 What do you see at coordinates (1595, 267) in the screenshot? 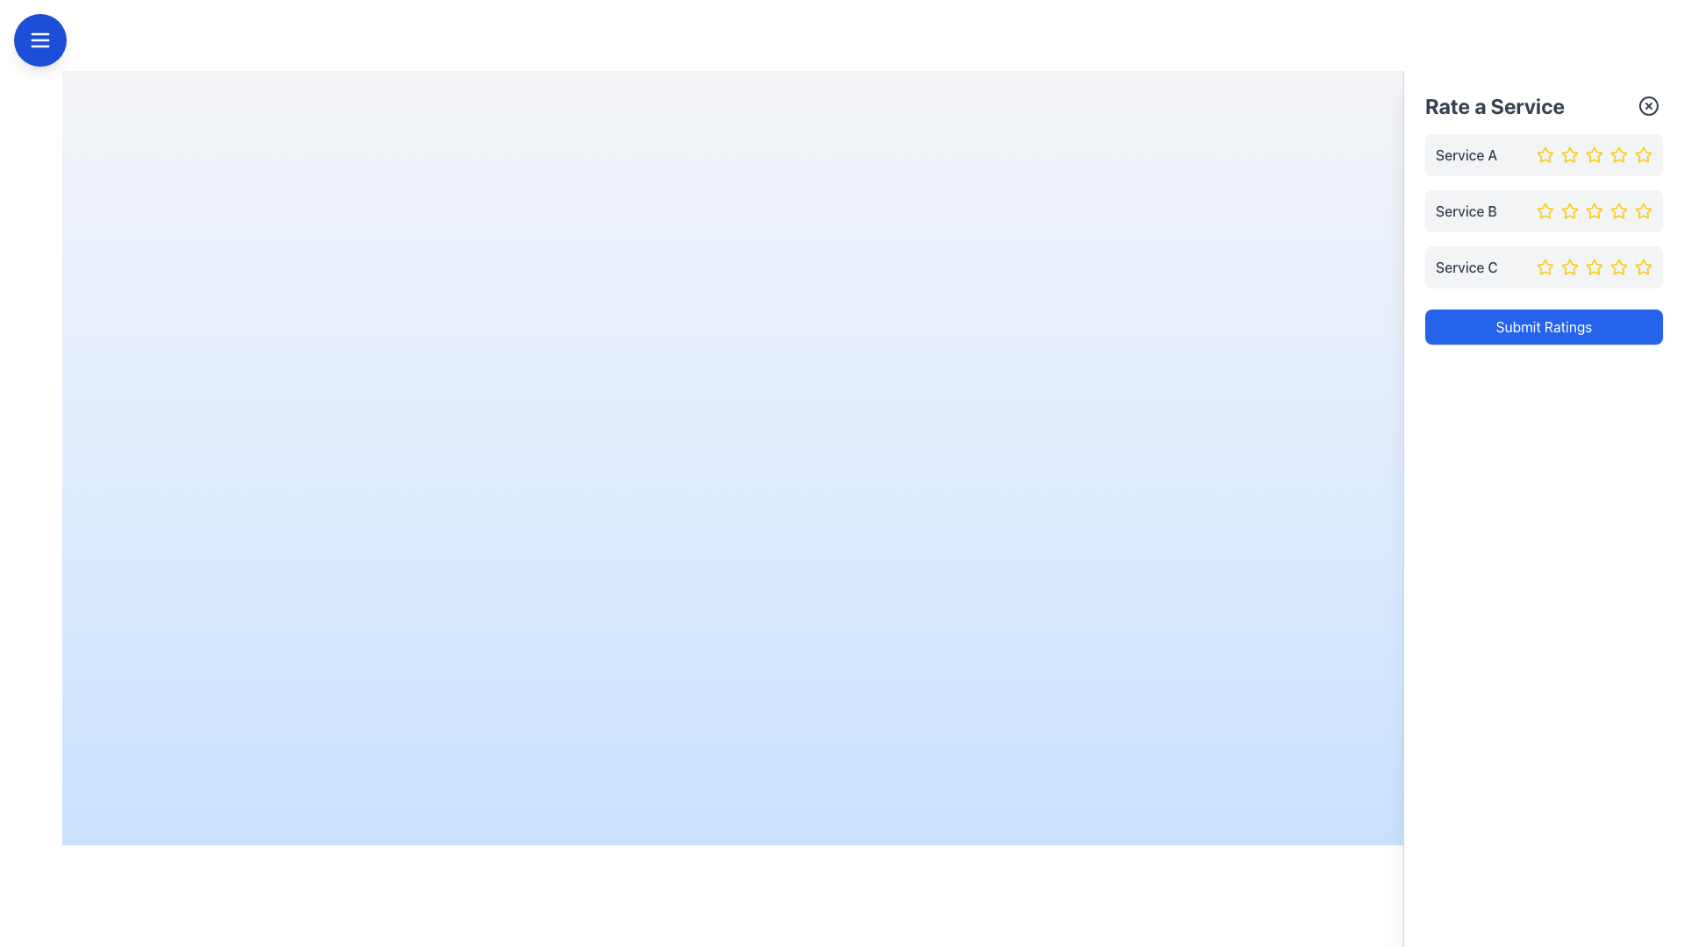
I see `the third star in the rating section for 'Service C'` at bounding box center [1595, 267].